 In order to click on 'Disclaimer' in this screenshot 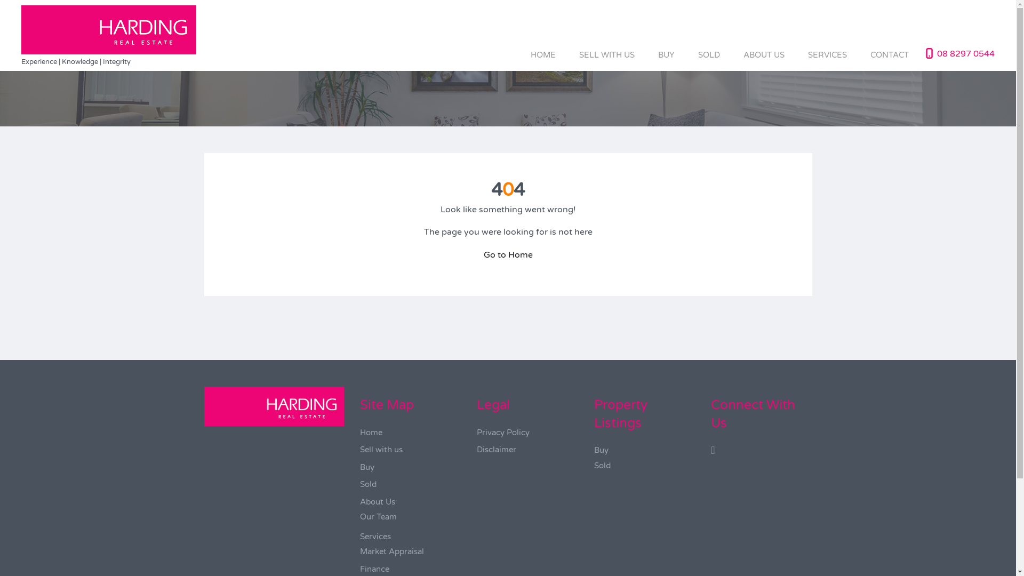, I will do `click(476, 450)`.